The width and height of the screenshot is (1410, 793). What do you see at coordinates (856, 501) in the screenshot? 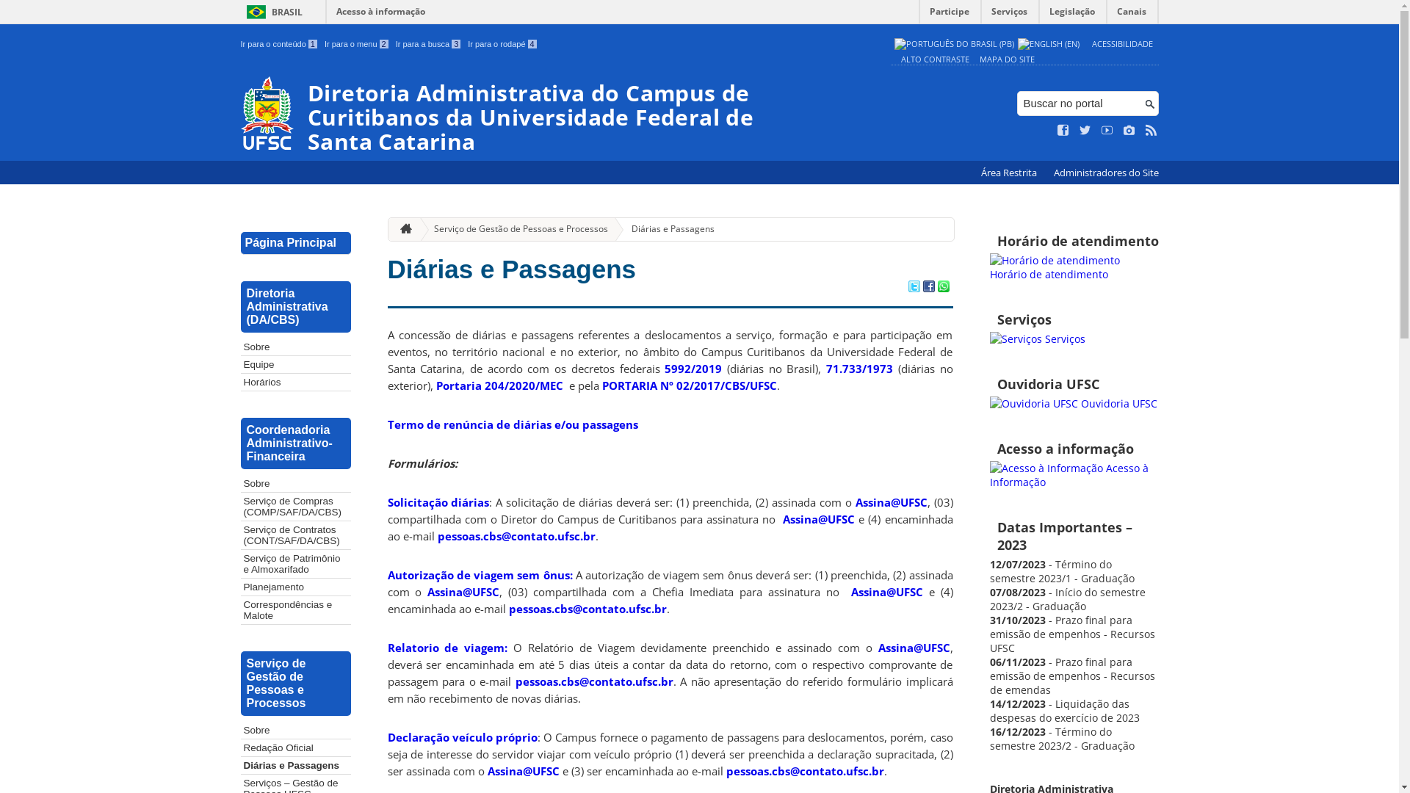
I see `'Assina@UFSC'` at bounding box center [856, 501].